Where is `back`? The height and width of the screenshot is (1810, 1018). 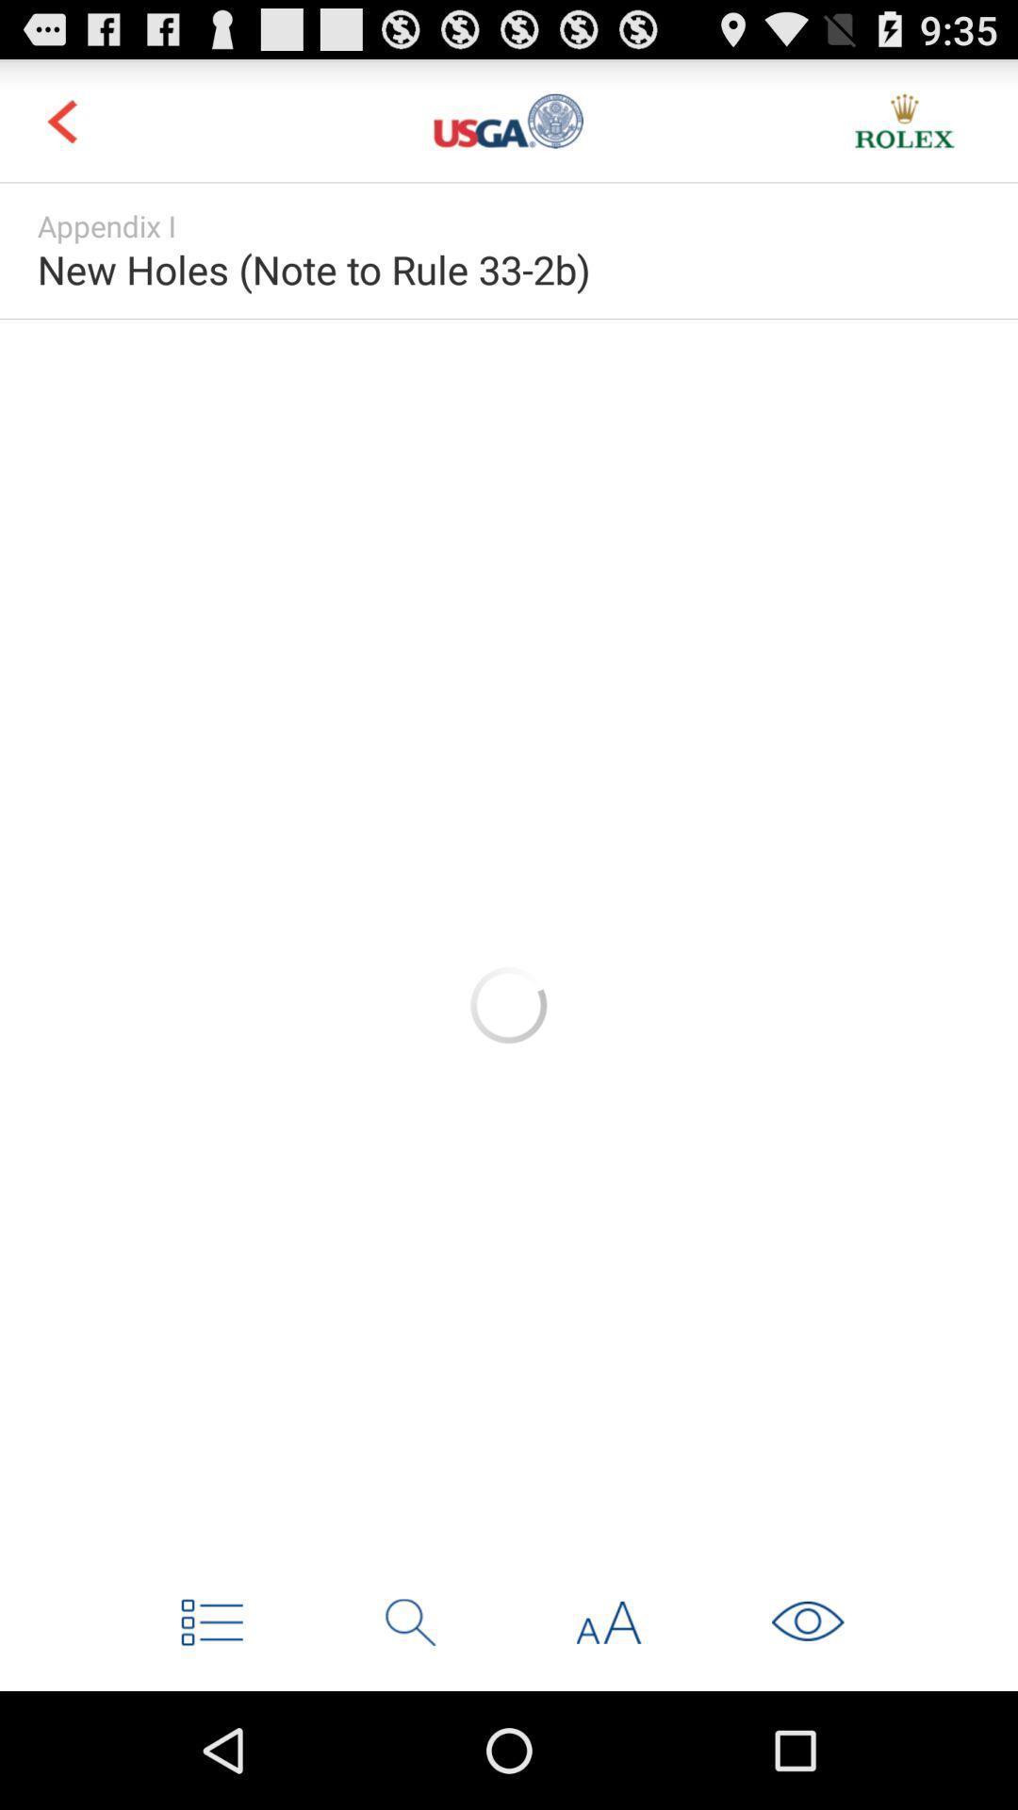
back is located at coordinates (60, 120).